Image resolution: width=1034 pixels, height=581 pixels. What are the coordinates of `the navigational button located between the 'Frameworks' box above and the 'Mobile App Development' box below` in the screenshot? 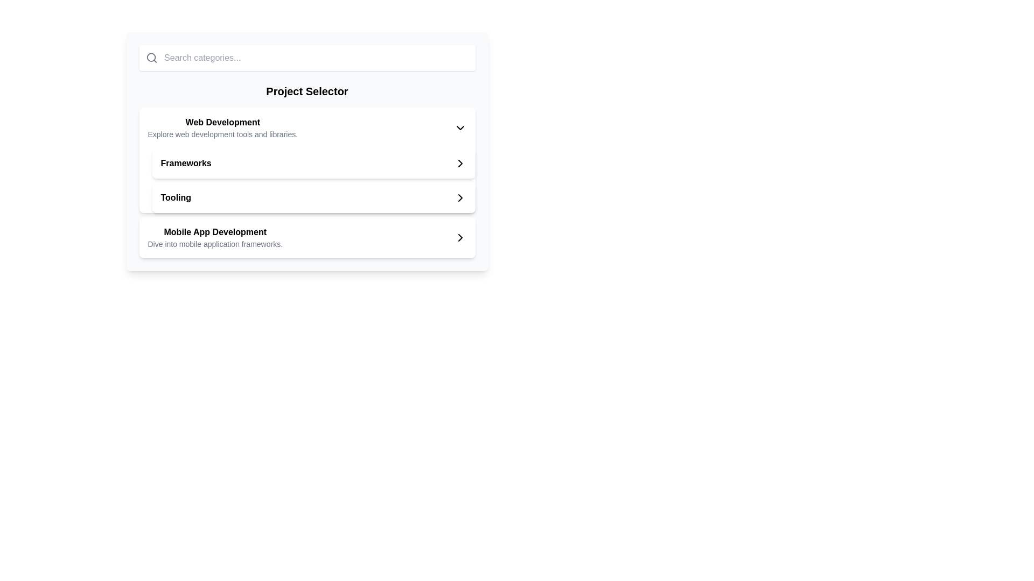 It's located at (313, 197).